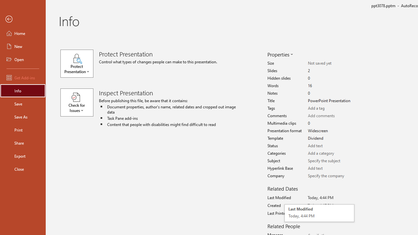 The height and width of the screenshot is (235, 418). What do you see at coordinates (23, 116) in the screenshot?
I see `'Save As'` at bounding box center [23, 116].